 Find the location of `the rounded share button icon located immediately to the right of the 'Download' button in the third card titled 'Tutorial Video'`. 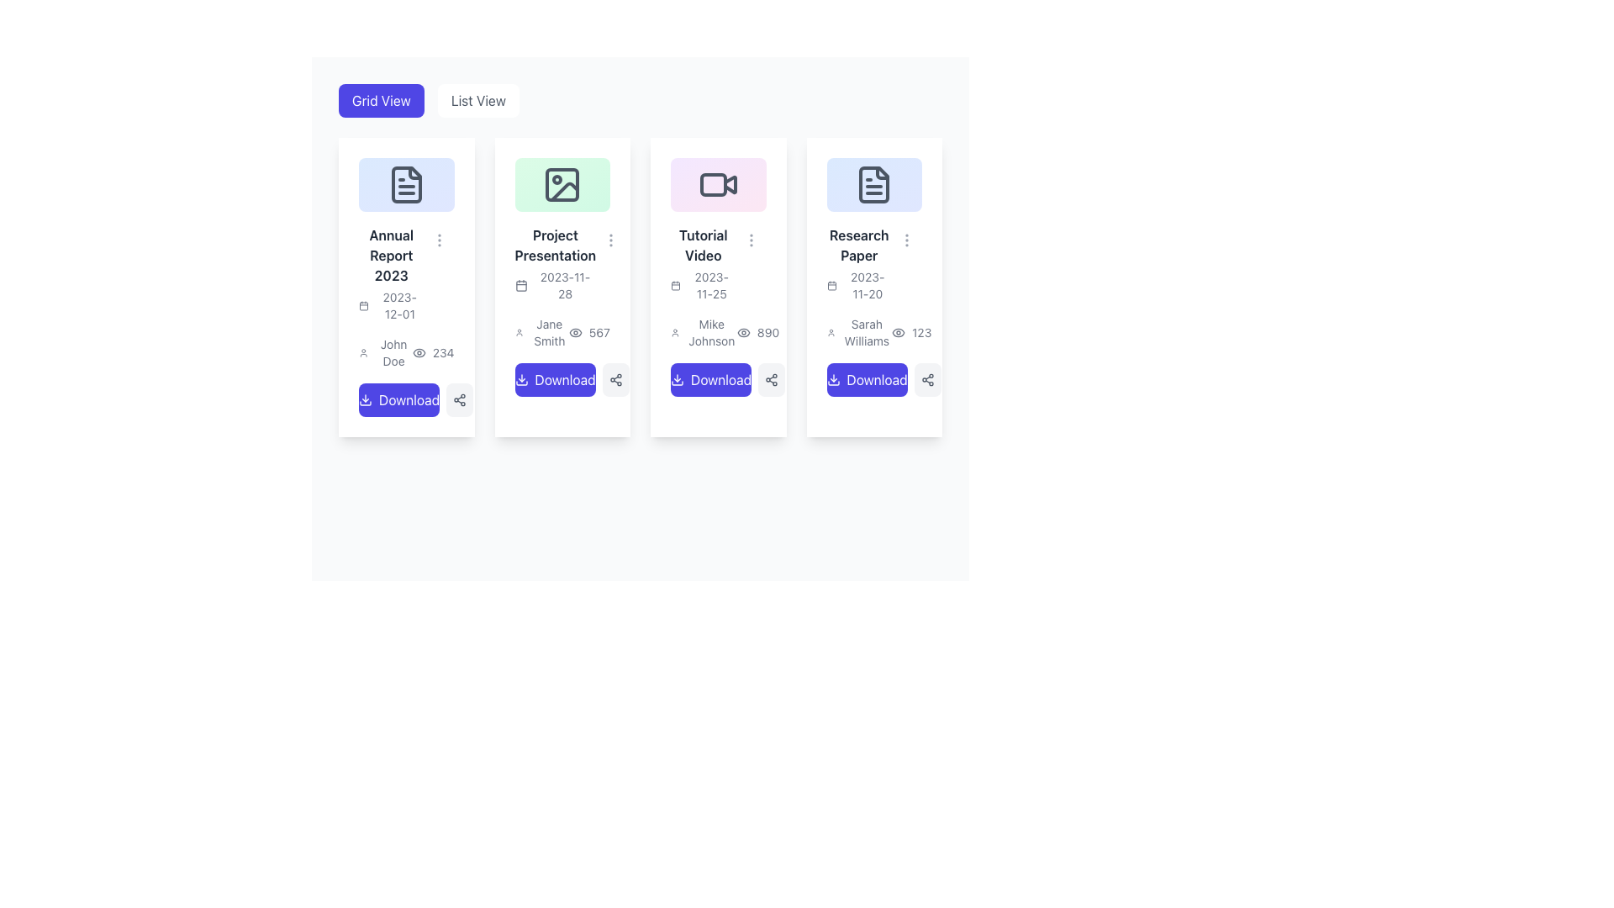

the rounded share button icon located immediately to the right of the 'Download' button in the third card titled 'Tutorial Video' is located at coordinates (771, 379).